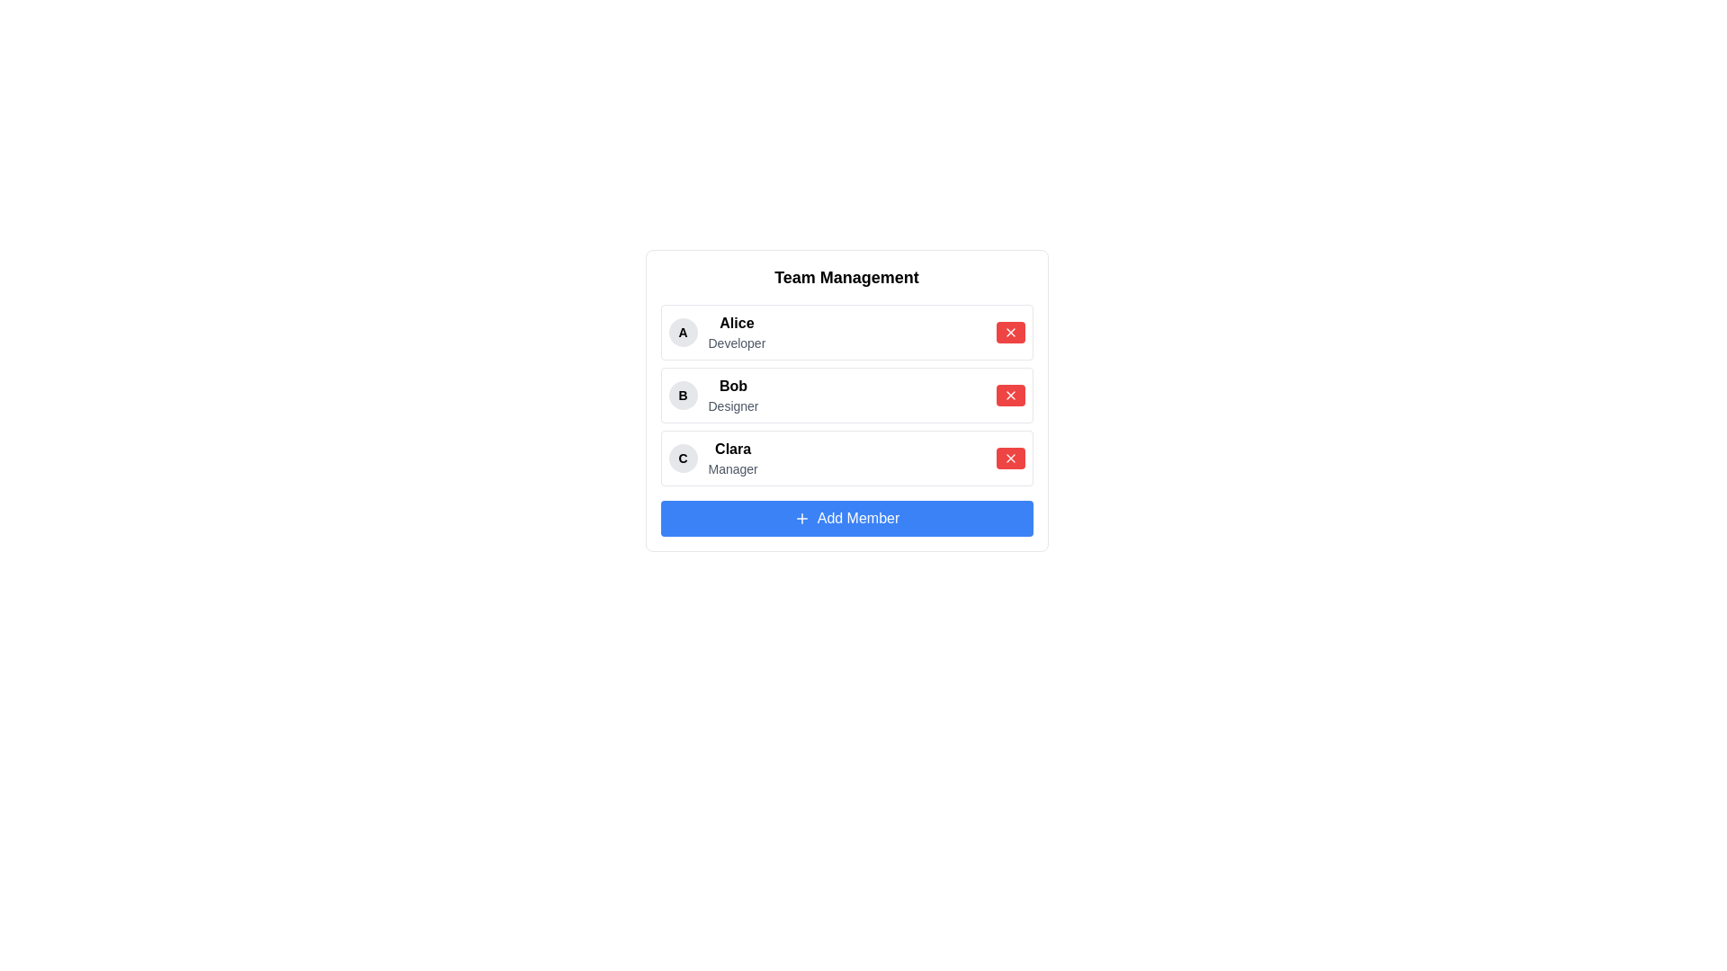 The image size is (1727, 971). What do you see at coordinates (733, 405) in the screenshot?
I see `text displayed in the label showing Bob's role or title, which is located in the second row of the list, beneath the 'Bob' label` at bounding box center [733, 405].